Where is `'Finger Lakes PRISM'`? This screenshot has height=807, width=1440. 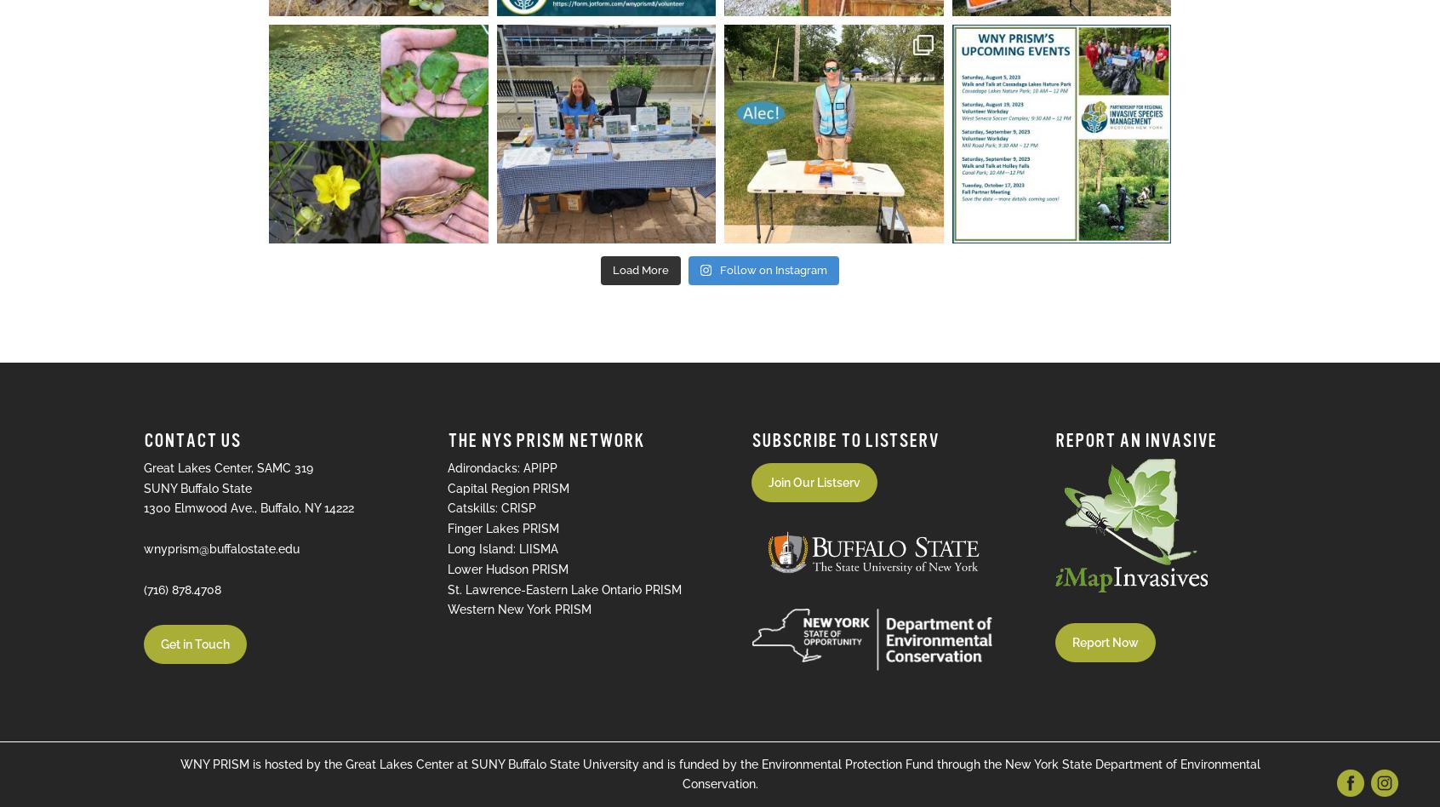
'Finger Lakes PRISM' is located at coordinates (502, 528).